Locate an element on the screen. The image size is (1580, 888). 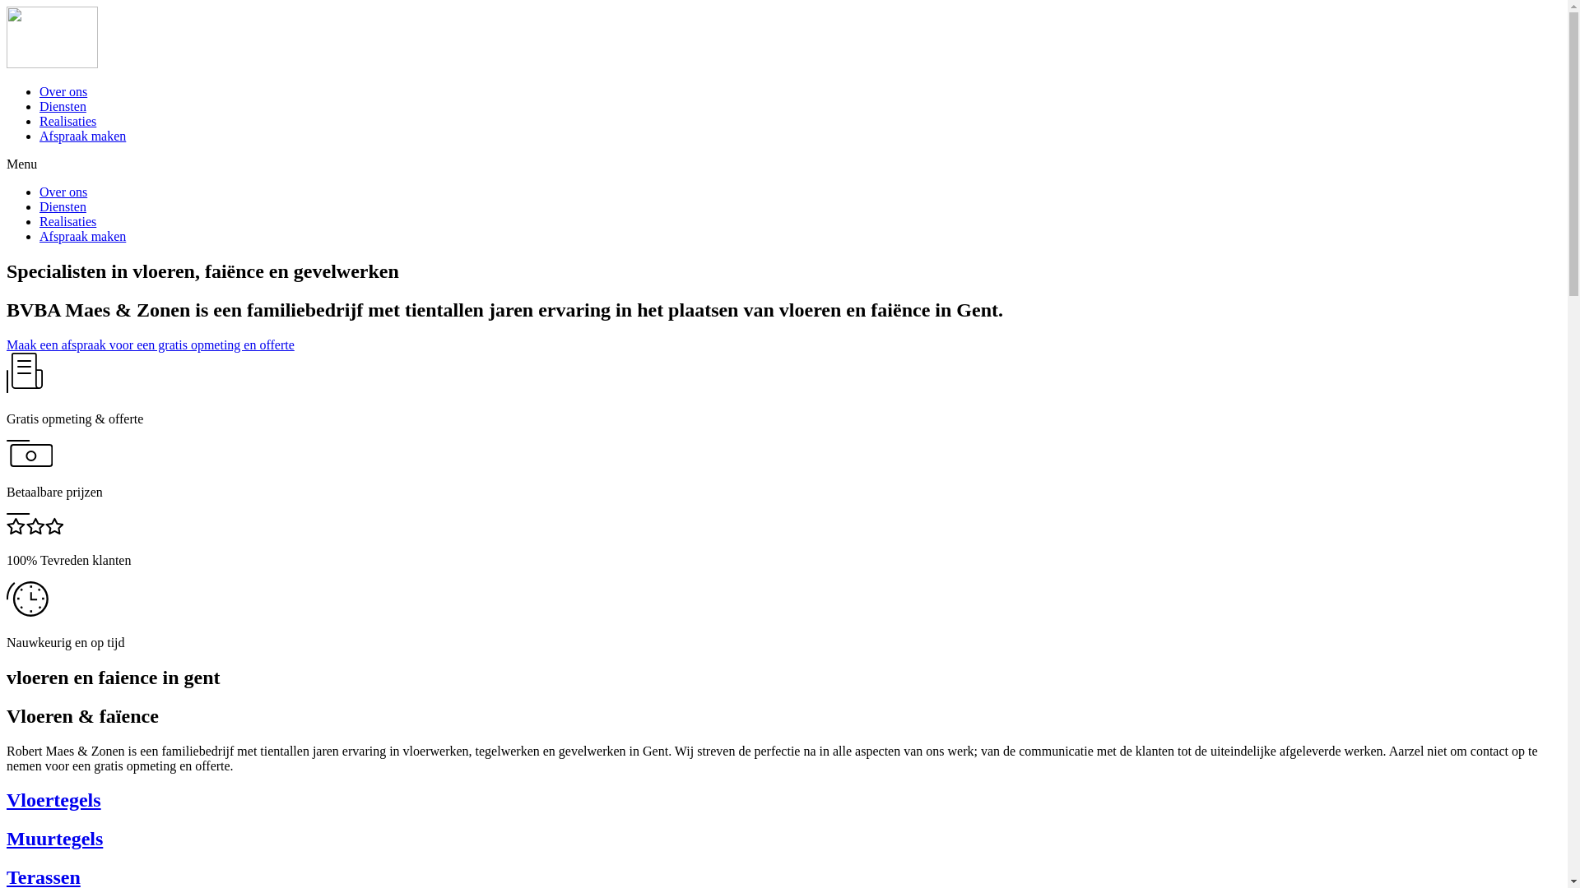
'Over ons' is located at coordinates (63, 91).